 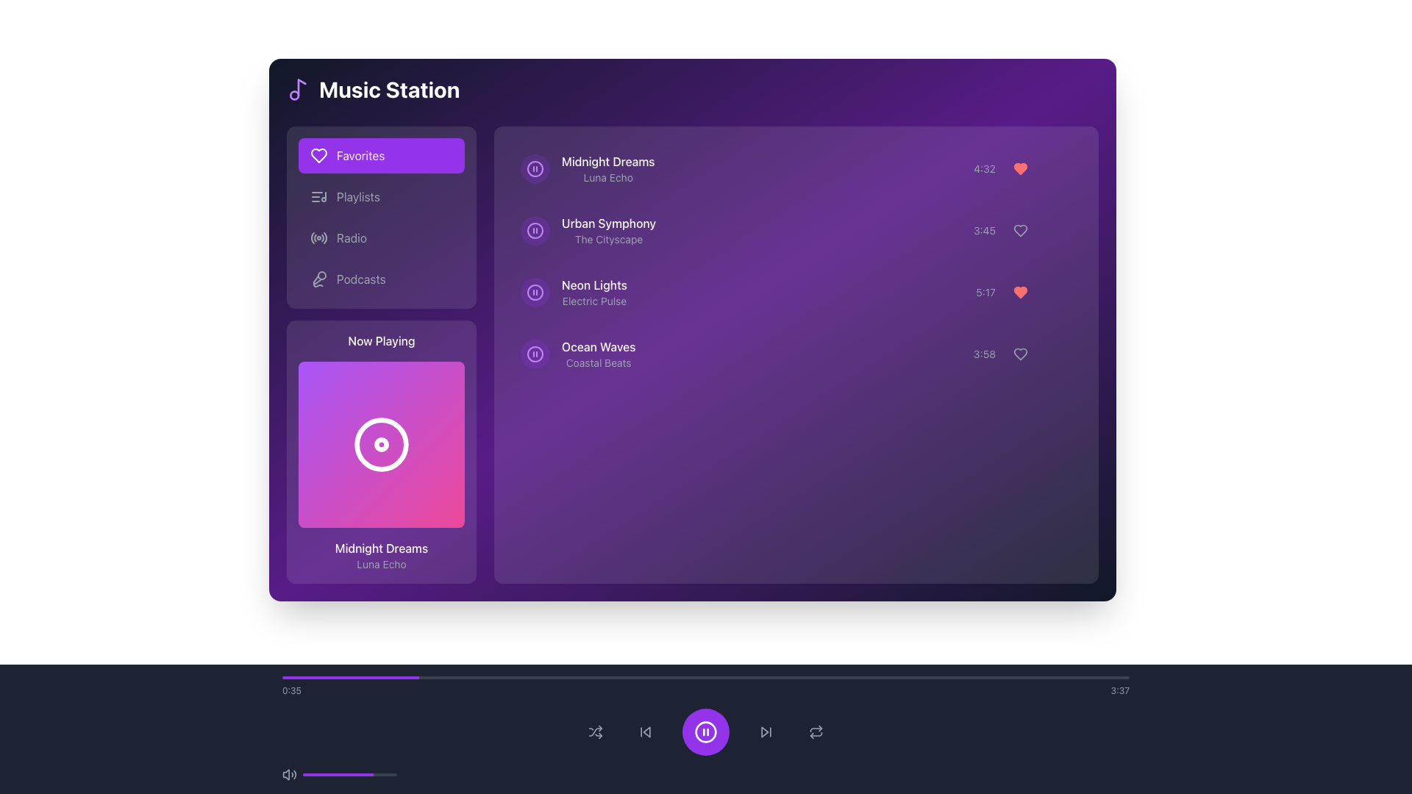 What do you see at coordinates (381, 156) in the screenshot?
I see `the Favorites navigation button located in the top-left area of the side navigation bar` at bounding box center [381, 156].